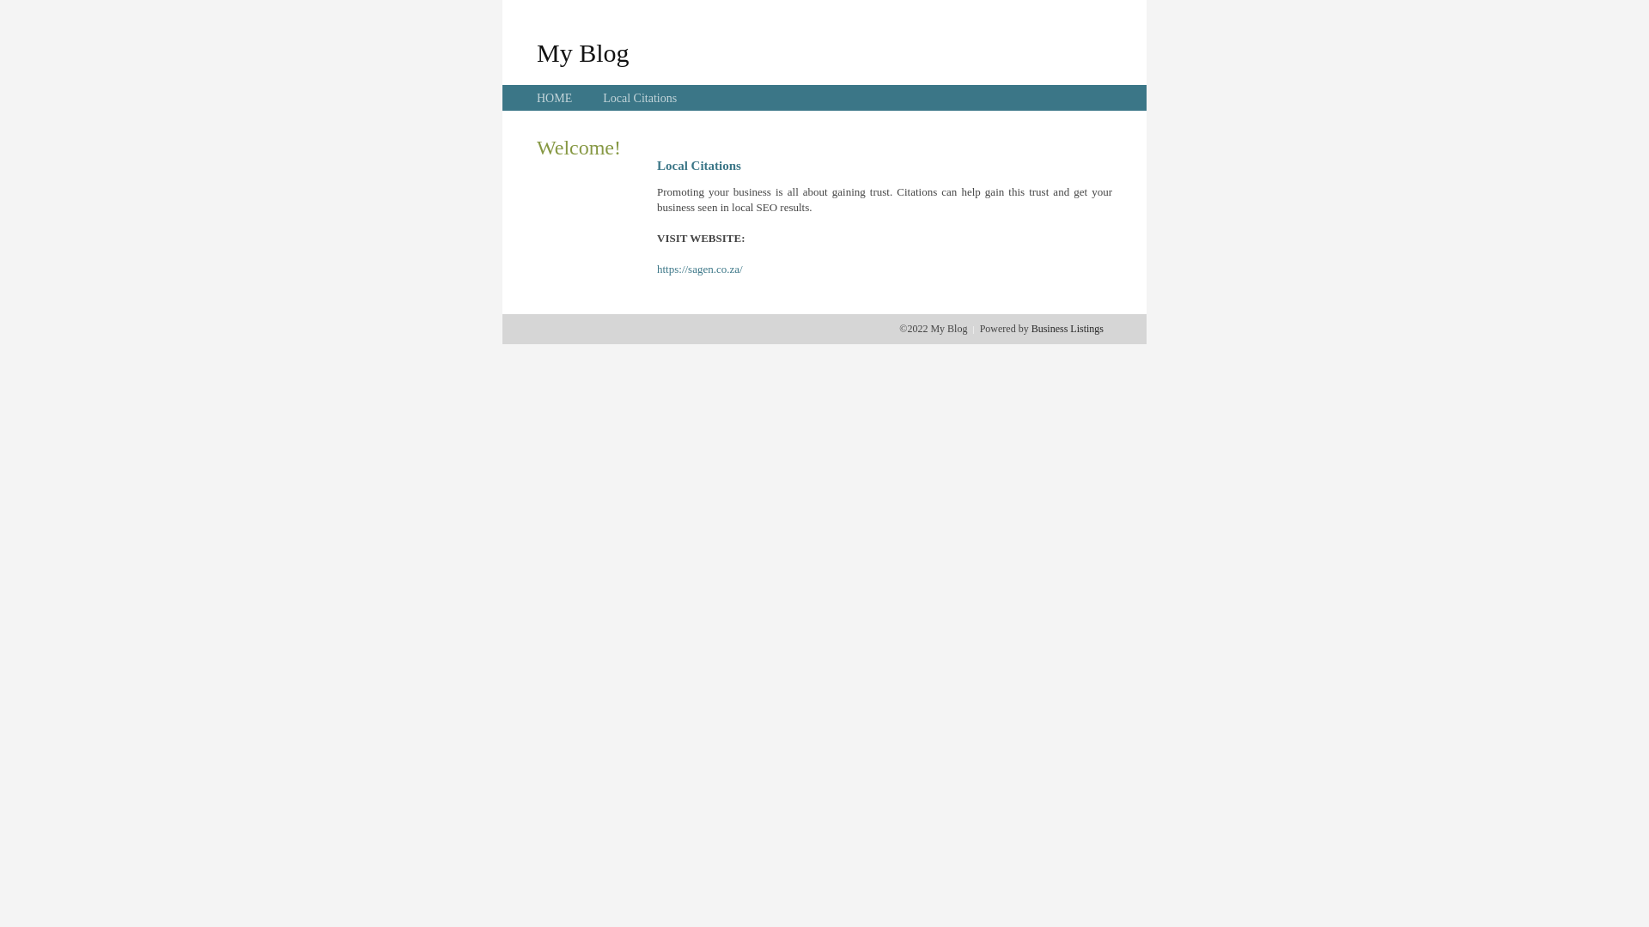  What do you see at coordinates (1067, 328) in the screenshot?
I see `'Business Listings'` at bounding box center [1067, 328].